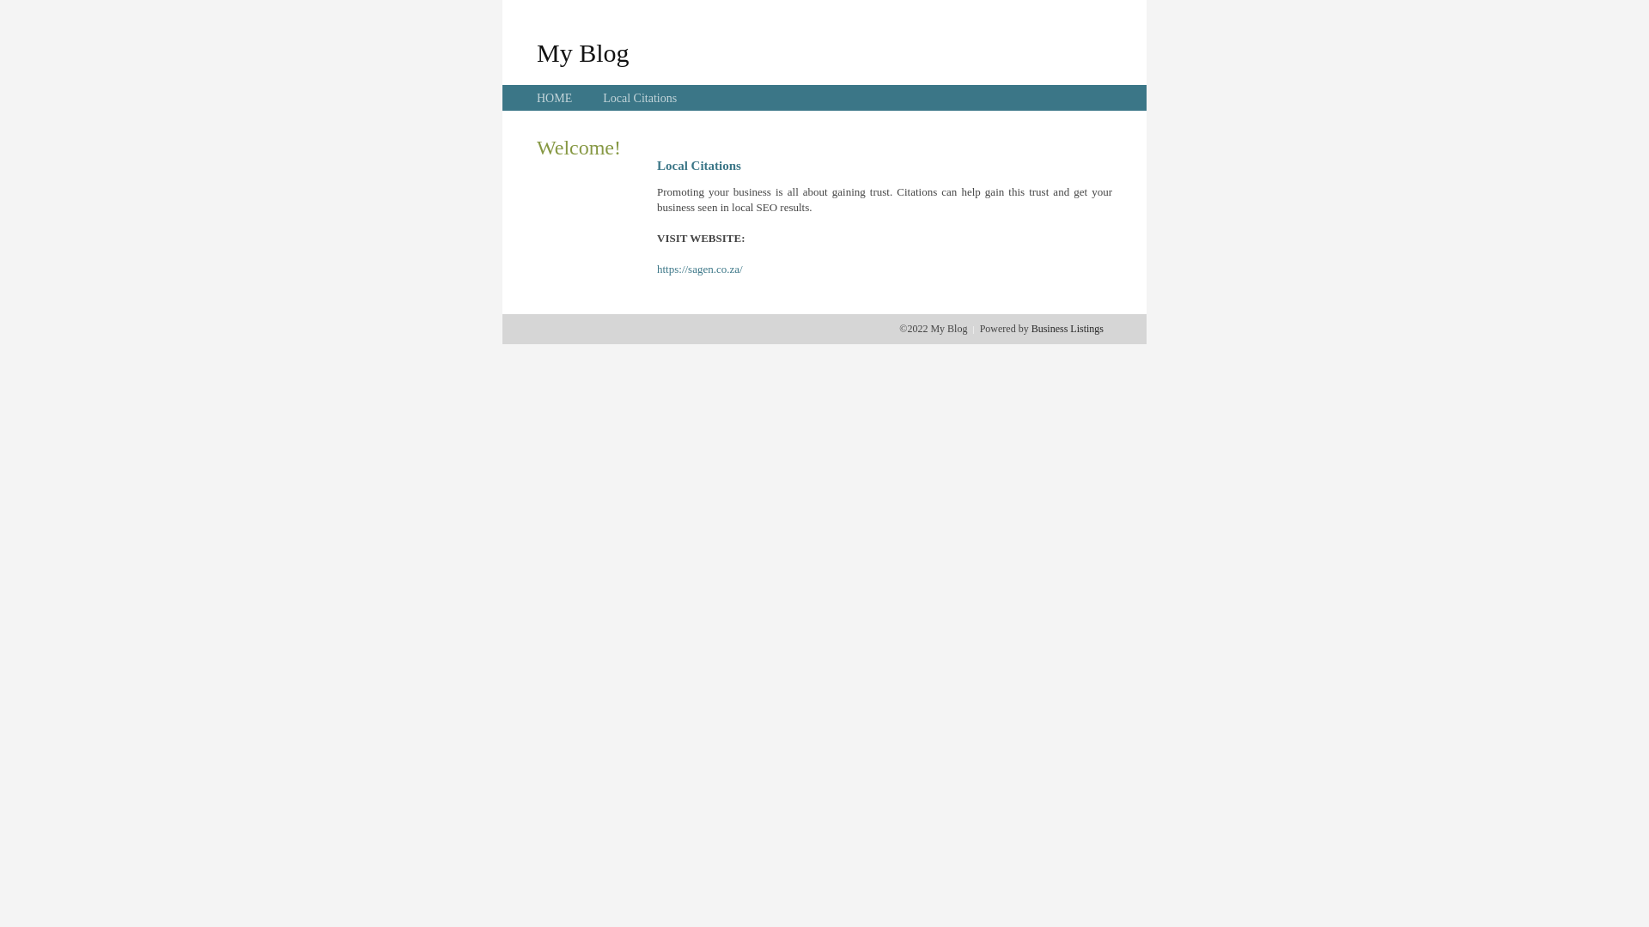  What do you see at coordinates (1067, 328) in the screenshot?
I see `'Business Listings'` at bounding box center [1067, 328].